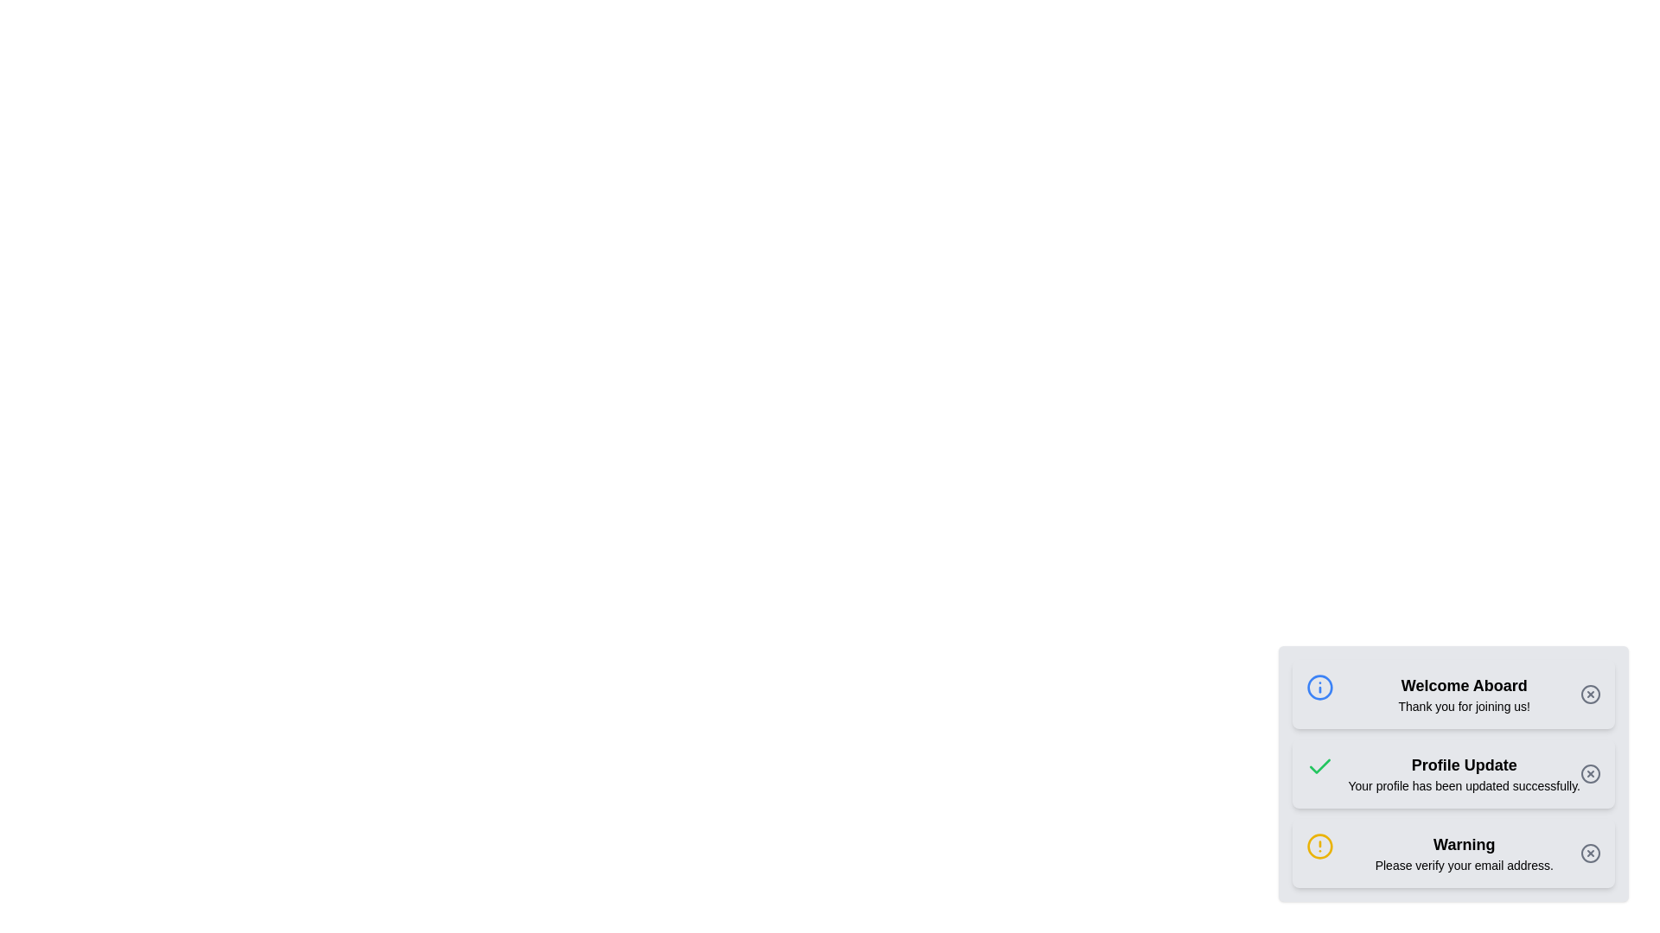 The width and height of the screenshot is (1660, 933). What do you see at coordinates (1590, 772) in the screenshot?
I see `the circular part of the close button in the 'Profile Update' section` at bounding box center [1590, 772].